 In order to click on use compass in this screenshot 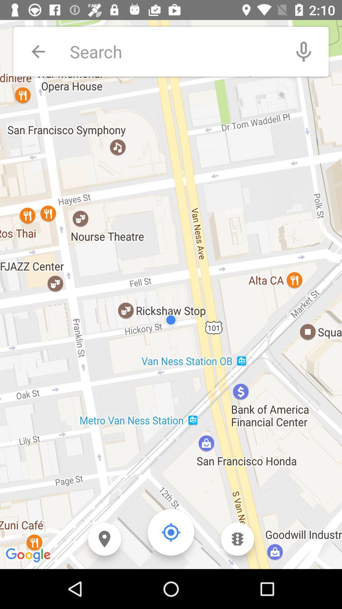, I will do `click(171, 532)`.